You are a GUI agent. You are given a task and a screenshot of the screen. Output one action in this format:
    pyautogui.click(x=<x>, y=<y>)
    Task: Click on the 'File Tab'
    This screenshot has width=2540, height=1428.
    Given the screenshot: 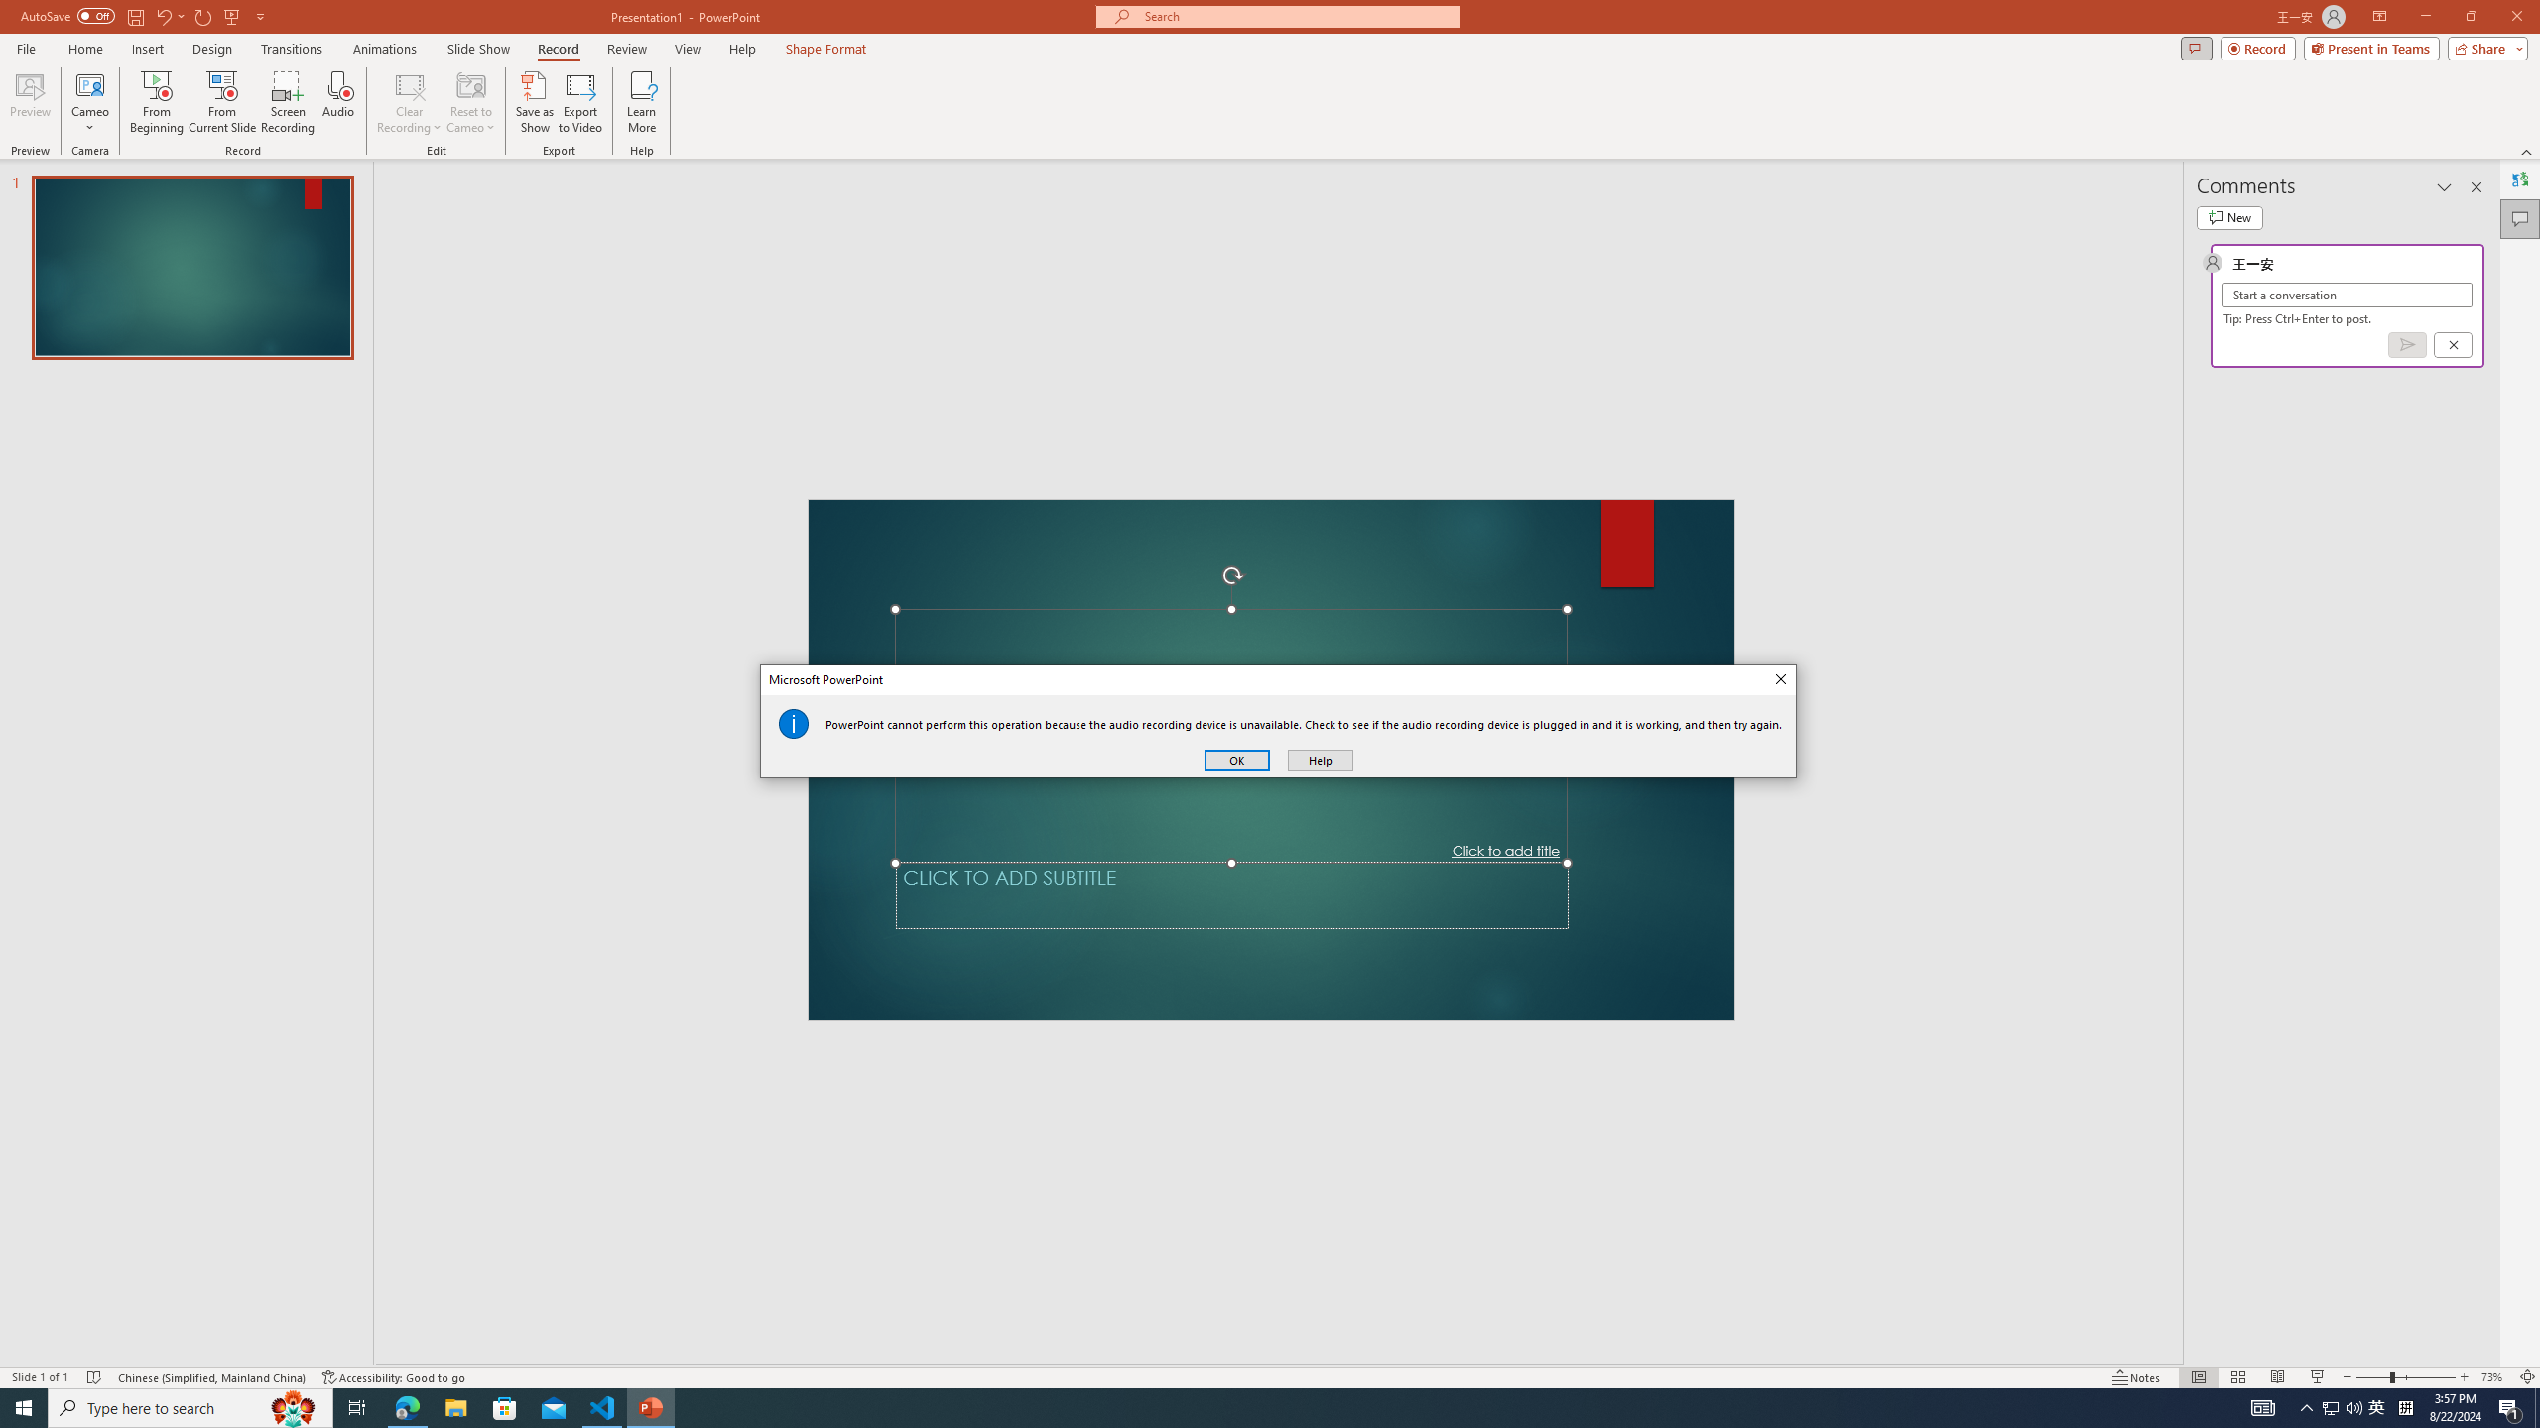 What is the action you would take?
    pyautogui.click(x=25, y=47)
    